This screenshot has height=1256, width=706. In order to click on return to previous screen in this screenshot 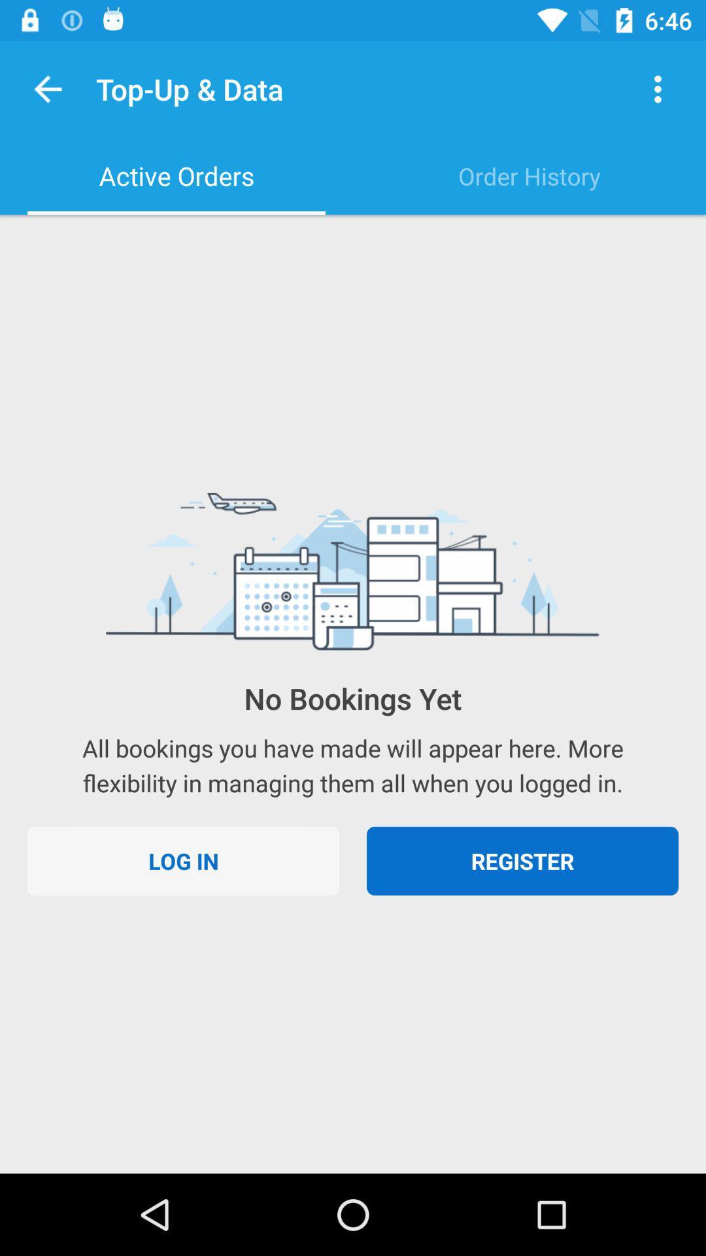, I will do `click(47, 88)`.